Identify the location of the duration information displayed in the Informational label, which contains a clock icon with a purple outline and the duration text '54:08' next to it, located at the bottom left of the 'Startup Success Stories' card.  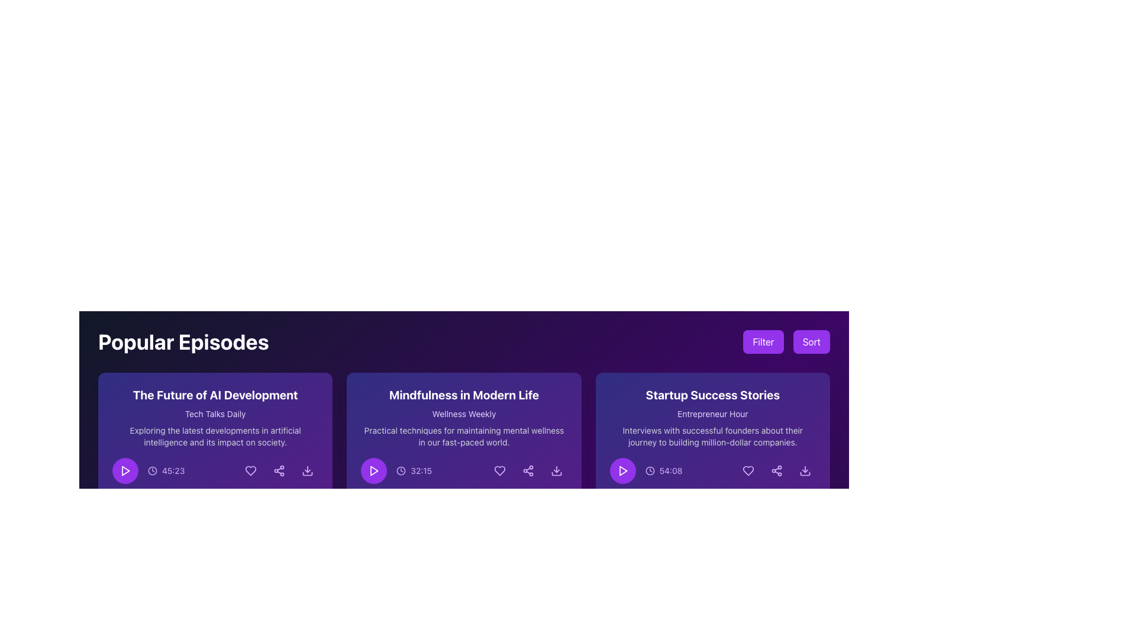
(646, 470).